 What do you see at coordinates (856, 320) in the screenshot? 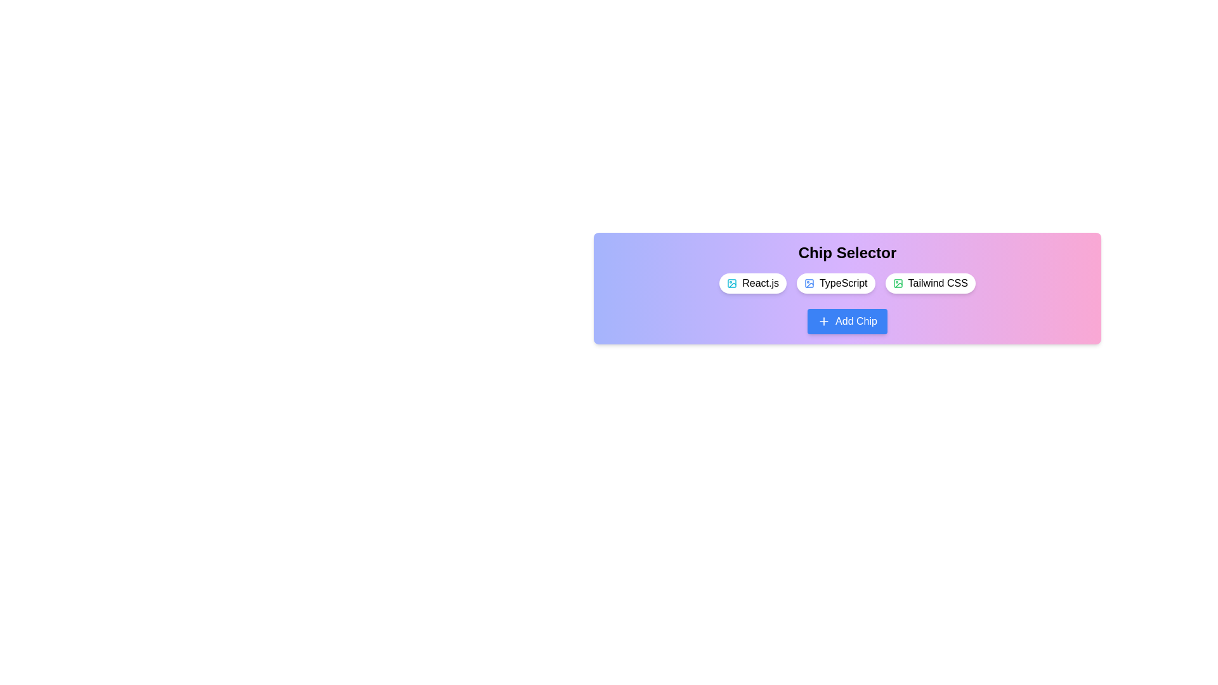
I see `the 'Add Chip' text label within the button located near the bottom center of the gradient panel` at bounding box center [856, 320].